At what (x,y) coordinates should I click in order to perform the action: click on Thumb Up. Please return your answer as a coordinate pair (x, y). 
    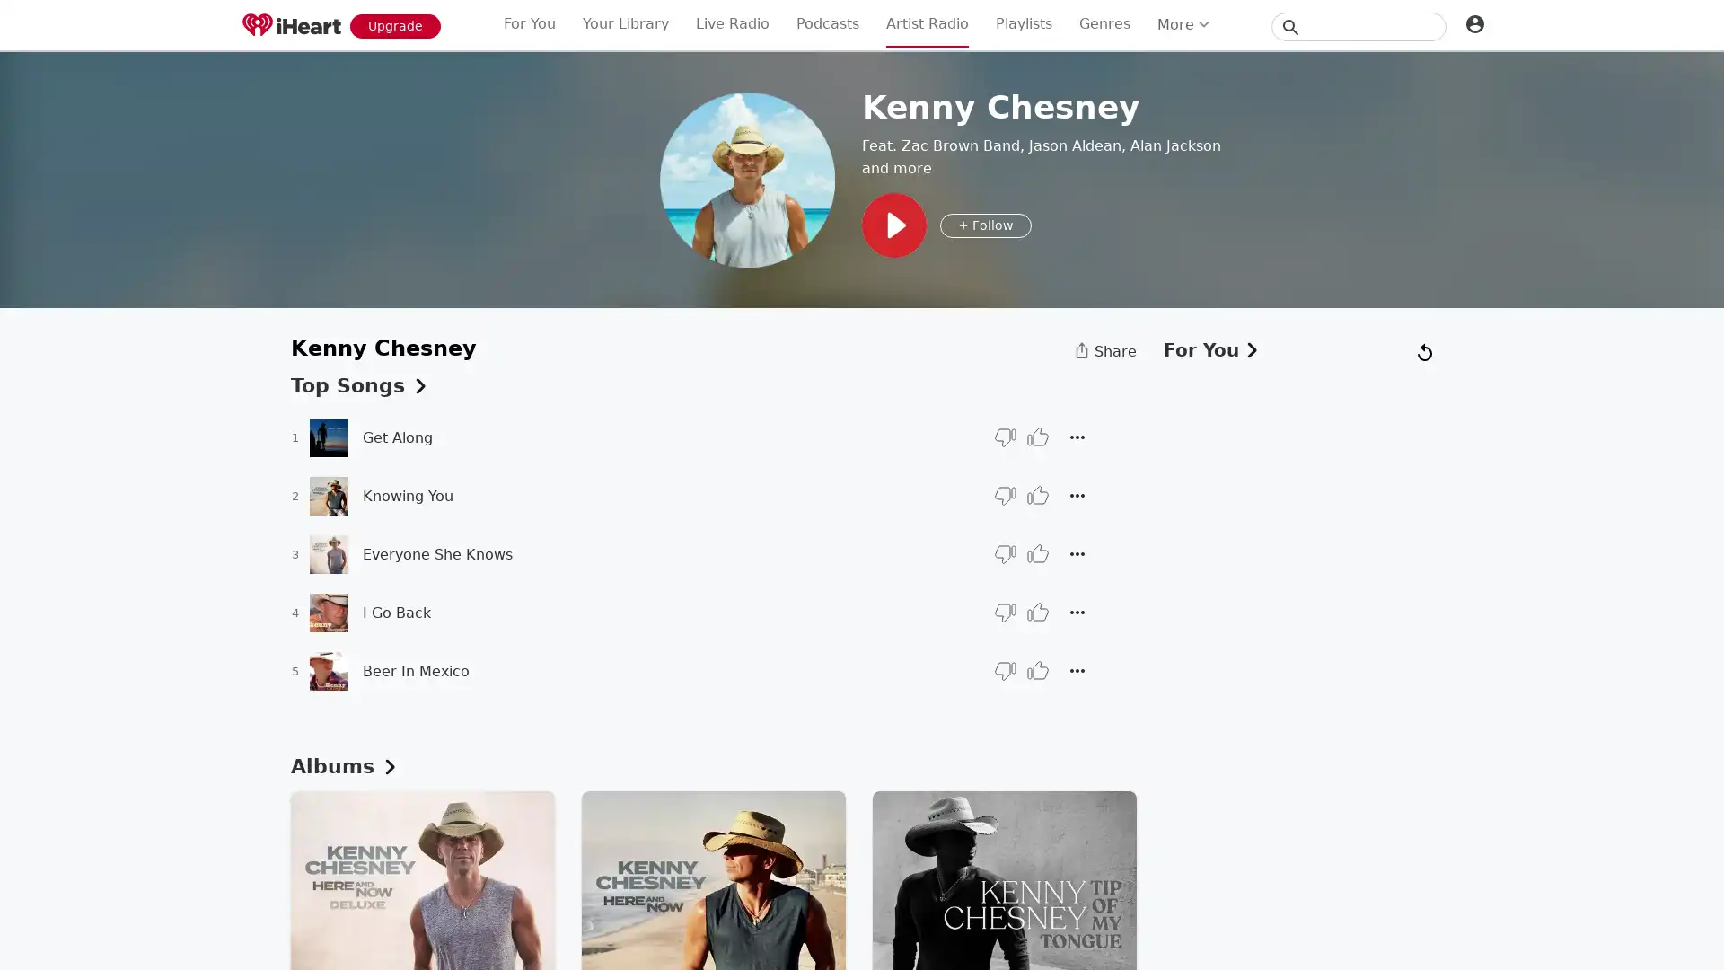
    Looking at the image, I should click on (1038, 612).